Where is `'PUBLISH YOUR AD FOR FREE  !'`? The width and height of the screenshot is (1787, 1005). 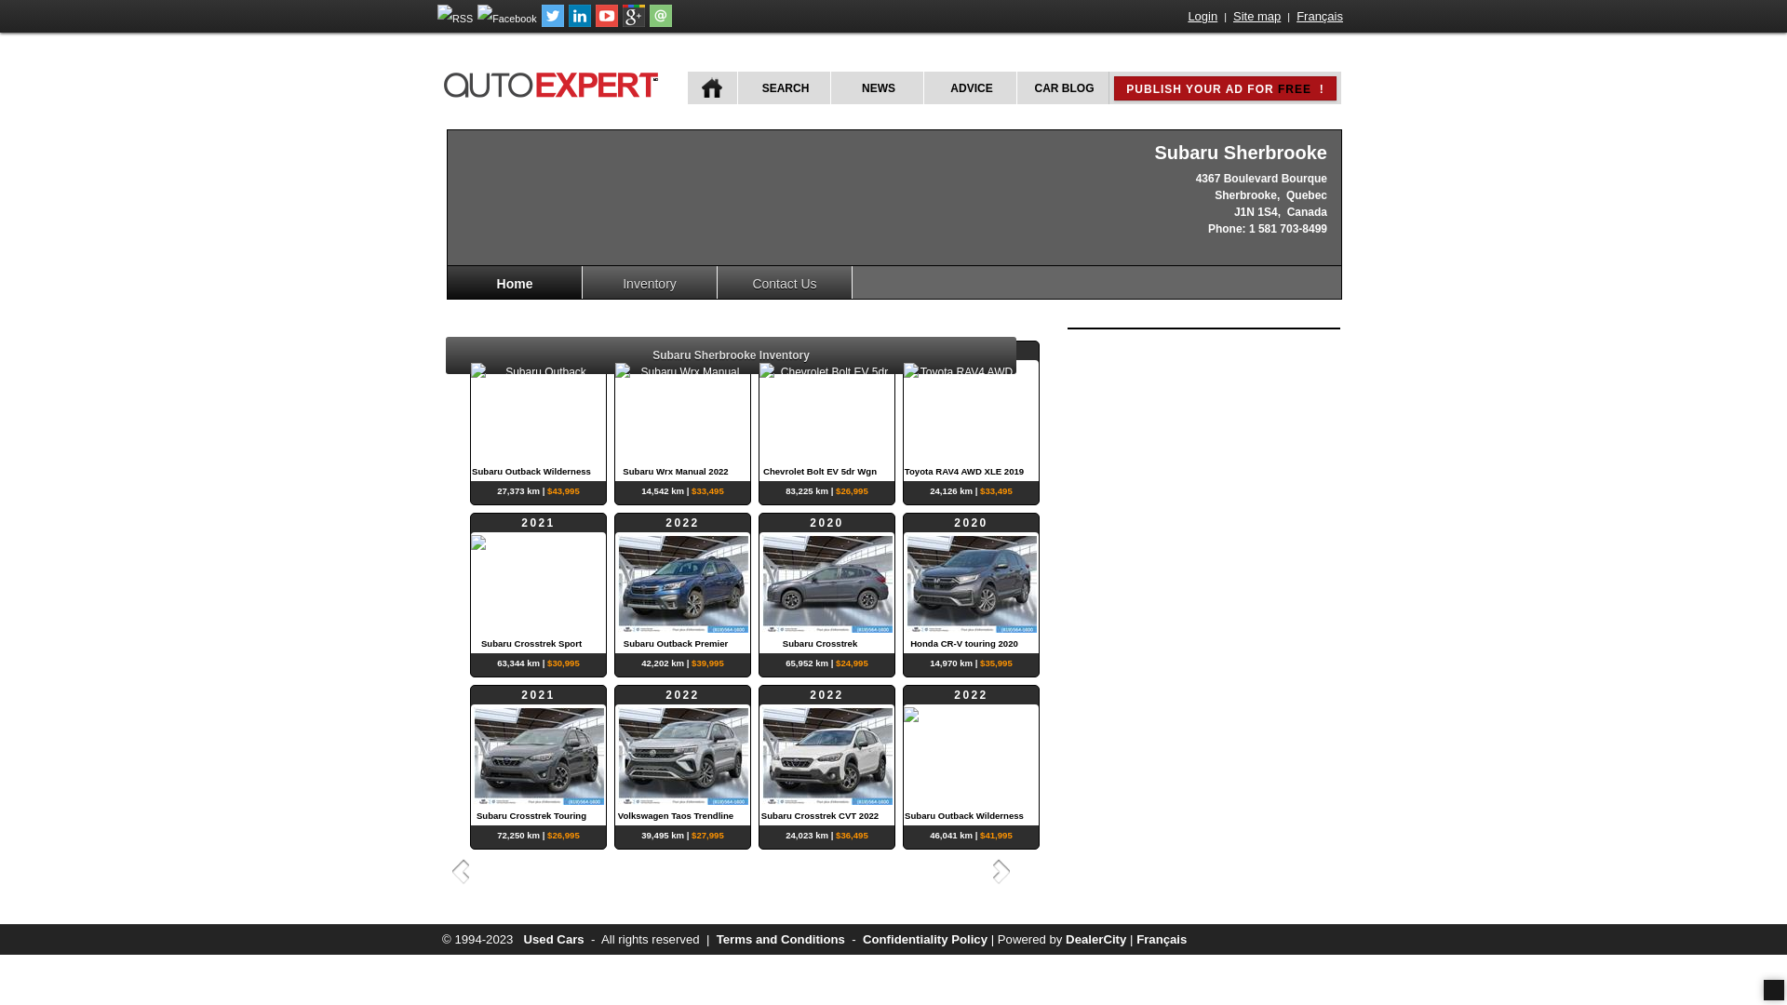
'PUBLISH YOUR AD FOR FREE  !' is located at coordinates (1224, 88).